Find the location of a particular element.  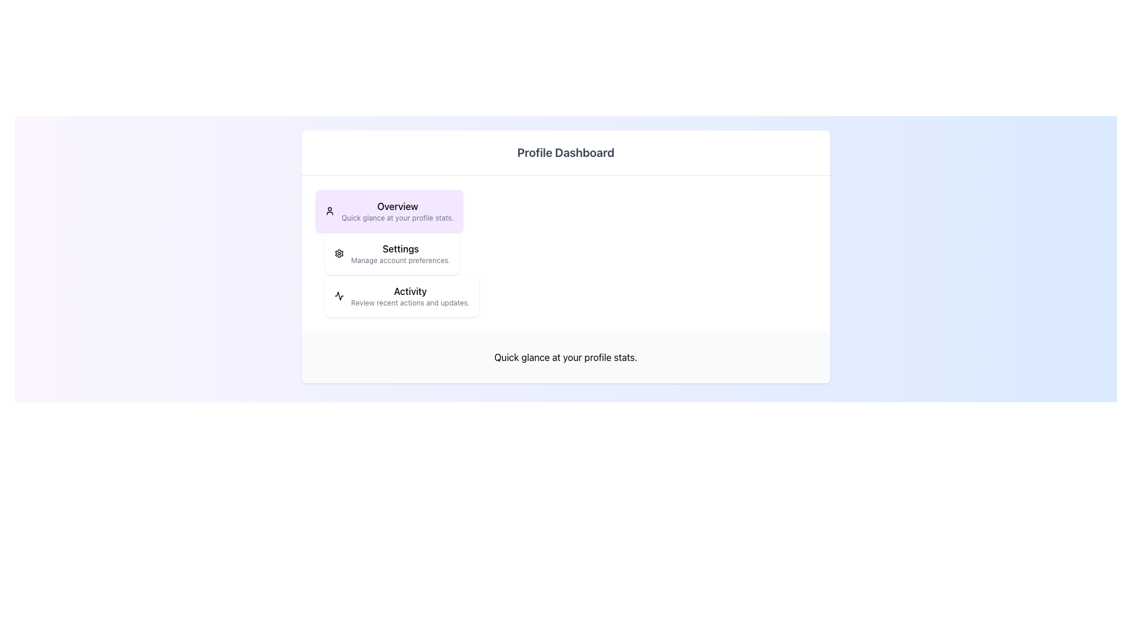

the first button in the vertical list of profile dashboard cards, which has a light purple background and contains the text 'Overview' and 'Quick glance at your profile stats.' is located at coordinates (389, 211).